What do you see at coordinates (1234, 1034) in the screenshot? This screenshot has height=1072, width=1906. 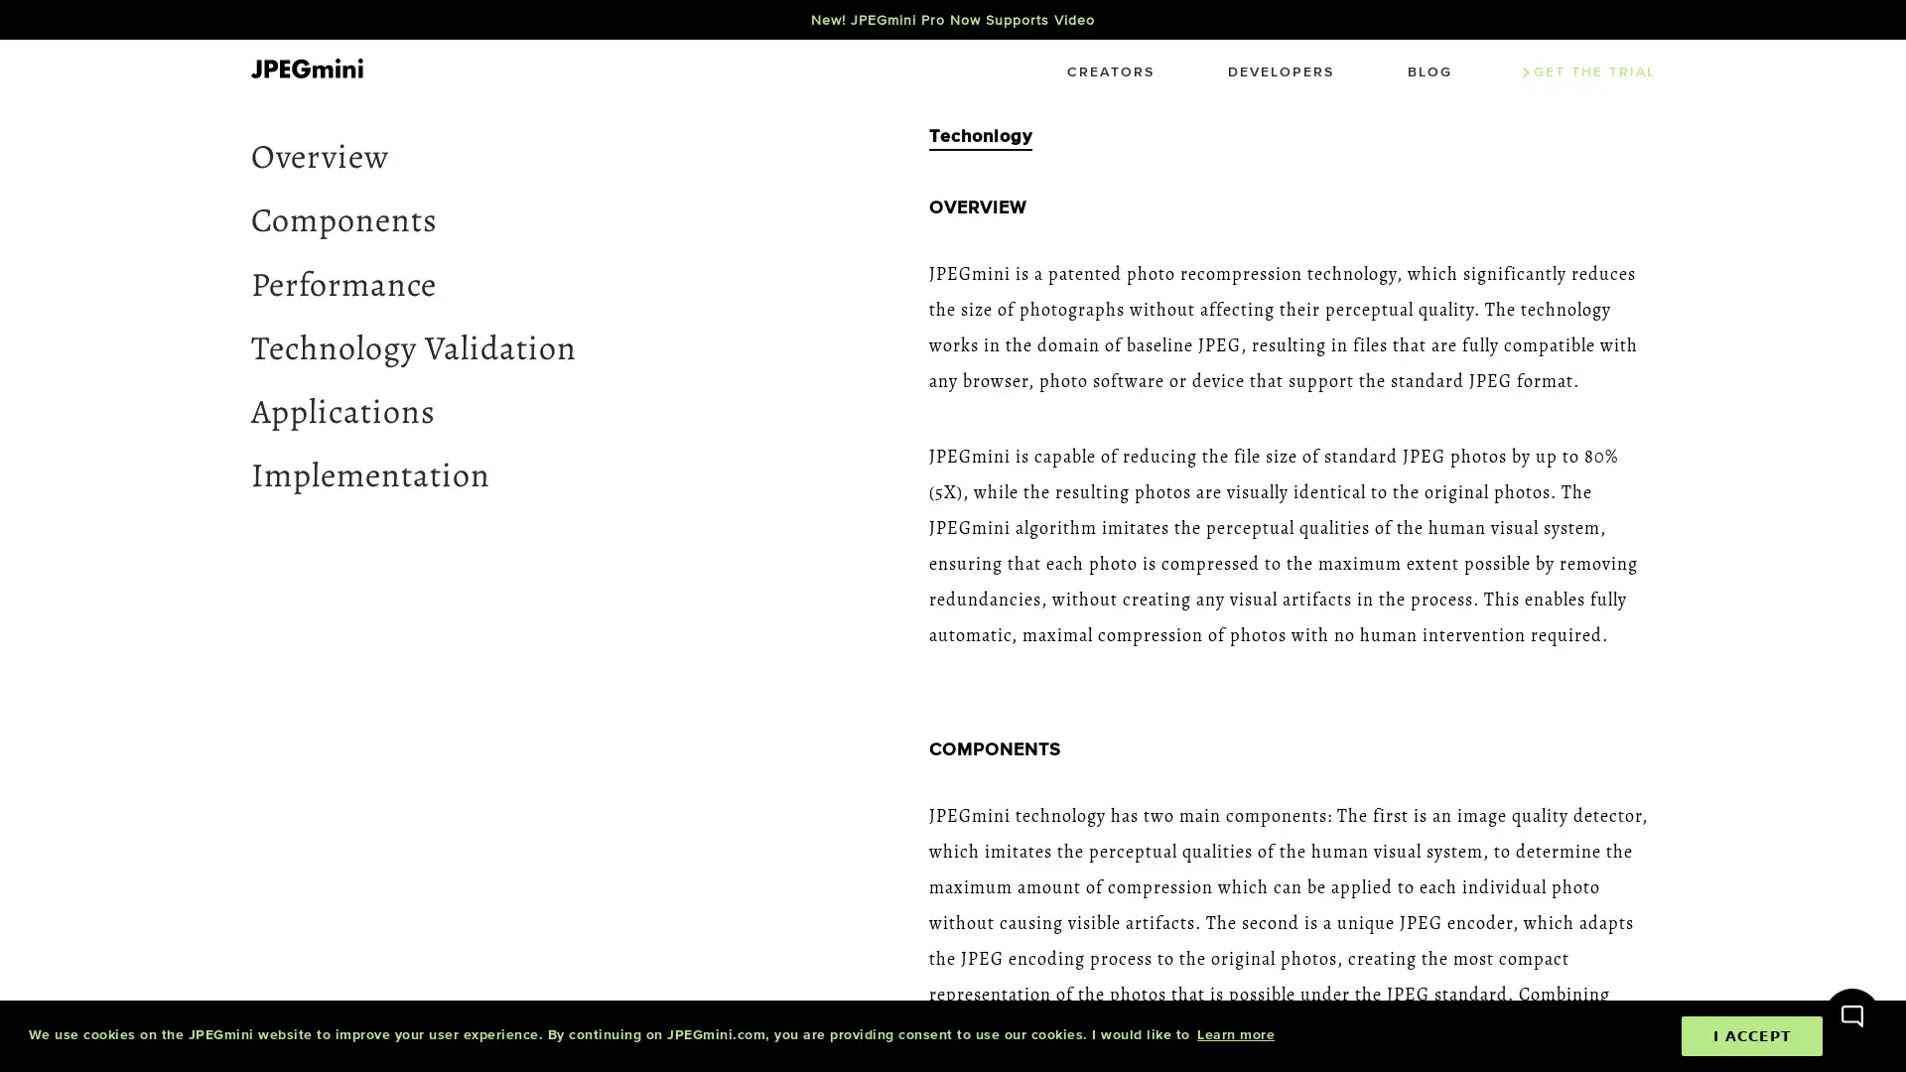 I see `learn more about cookies` at bounding box center [1234, 1034].